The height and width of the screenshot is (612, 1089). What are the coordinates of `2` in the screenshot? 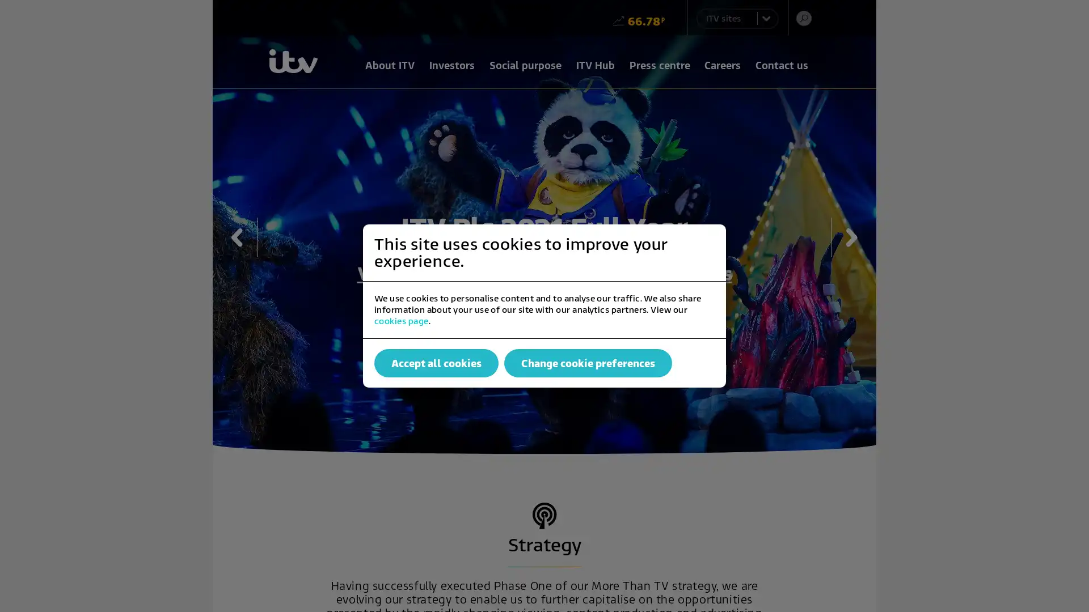 It's located at (558, 331).